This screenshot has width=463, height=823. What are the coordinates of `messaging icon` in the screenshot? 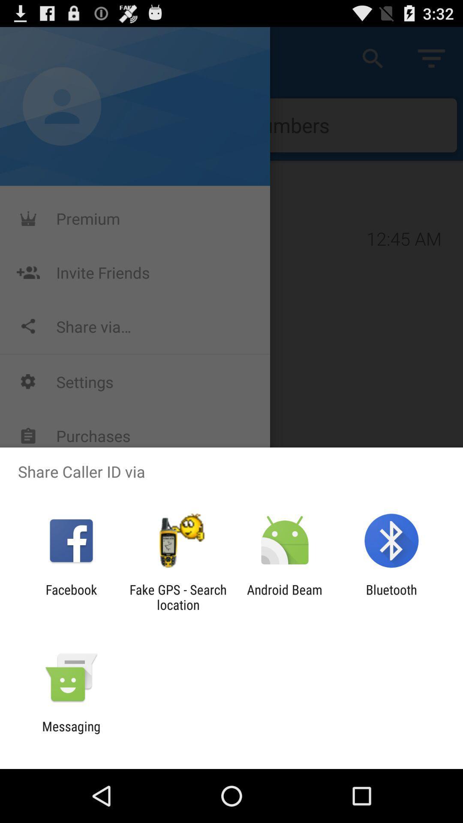 It's located at (71, 733).